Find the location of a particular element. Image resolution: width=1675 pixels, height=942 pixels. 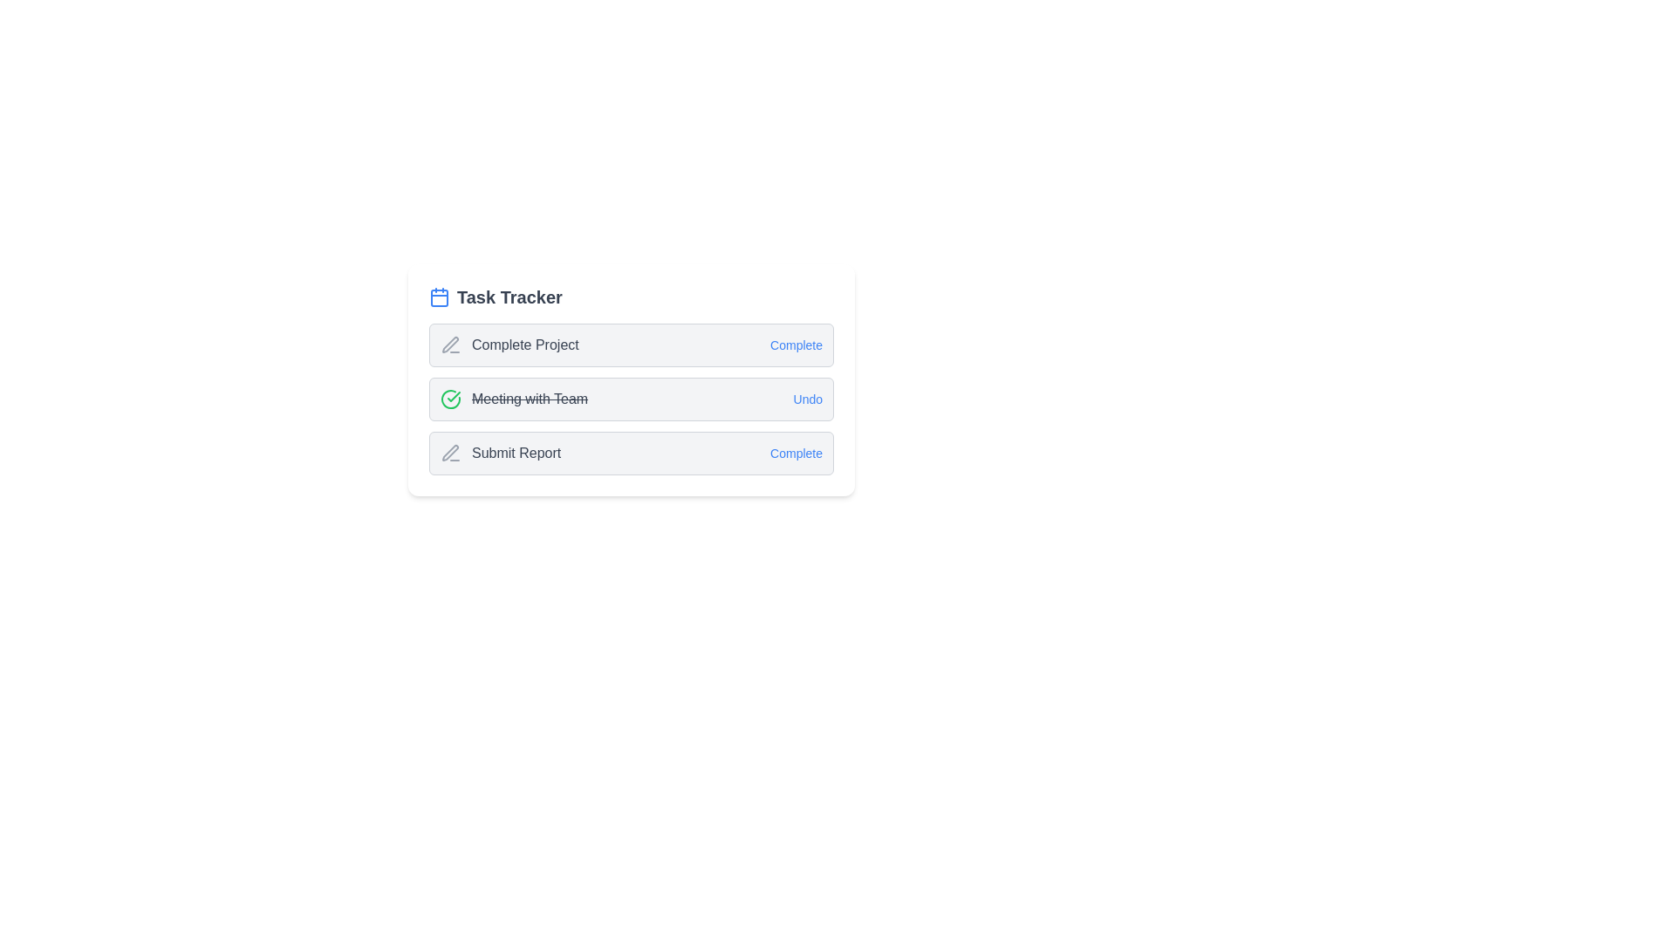

the icon representing the 'Submit Report' action, located to the left of the label text is located at coordinates (451, 453).